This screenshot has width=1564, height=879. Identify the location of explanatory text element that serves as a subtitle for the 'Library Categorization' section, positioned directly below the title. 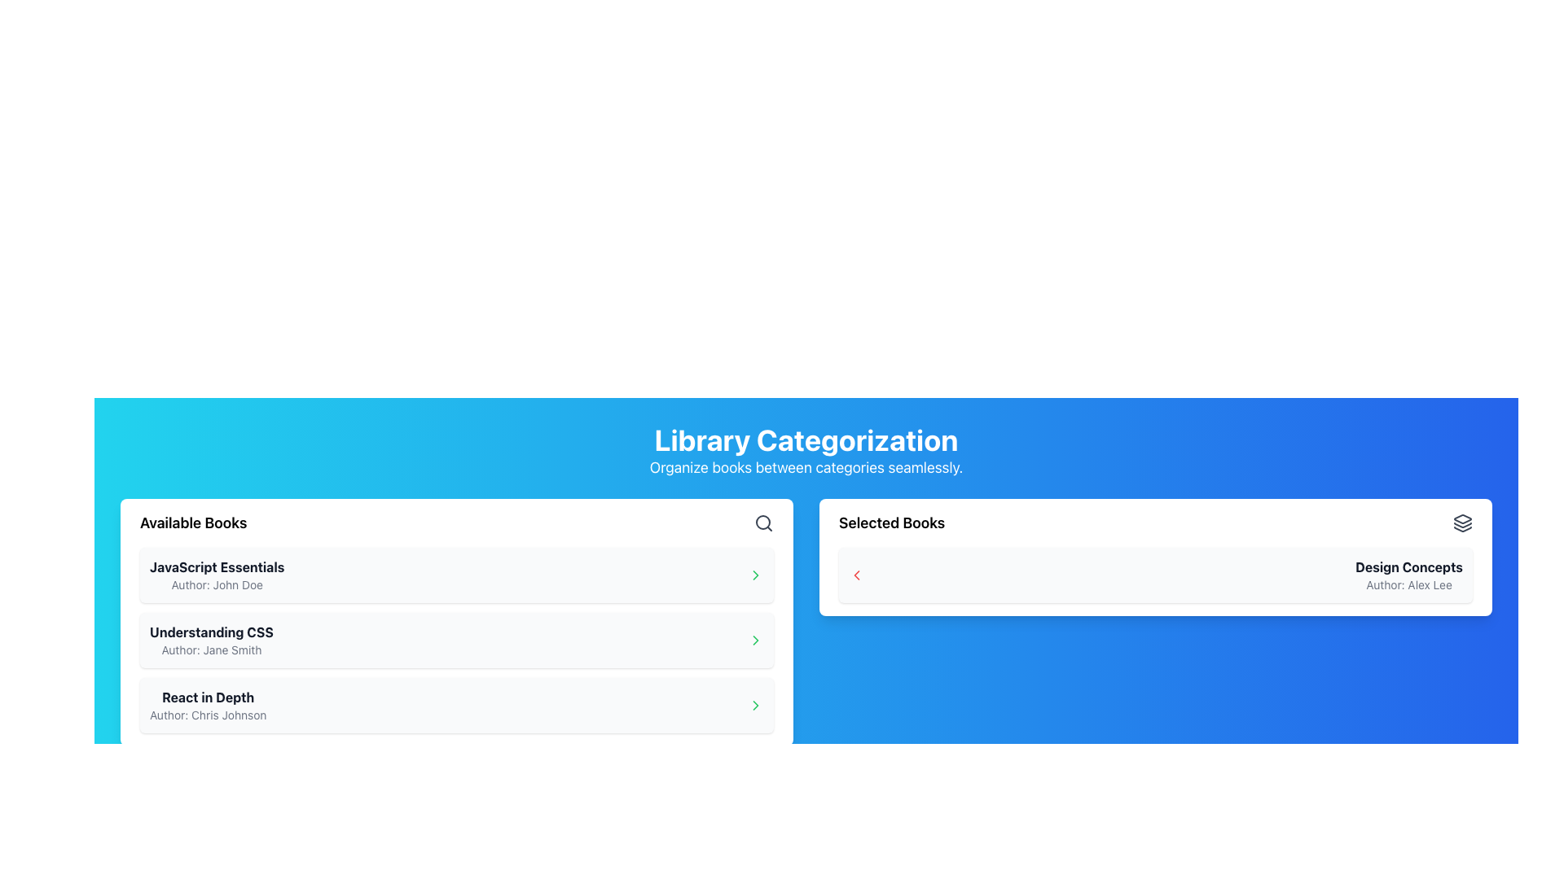
(806, 467).